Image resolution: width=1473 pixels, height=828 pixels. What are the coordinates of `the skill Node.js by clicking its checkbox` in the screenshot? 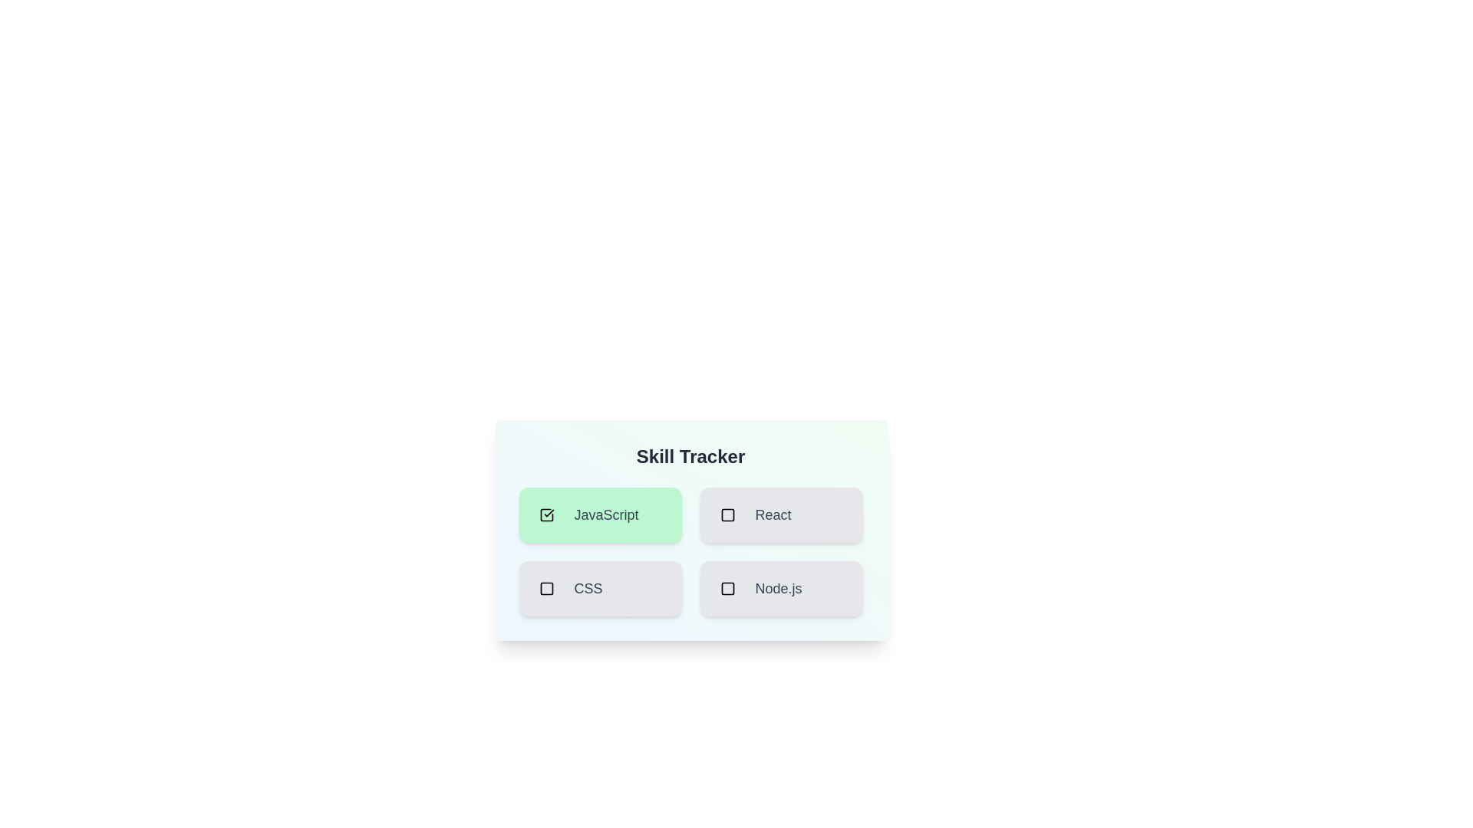 It's located at (727, 587).